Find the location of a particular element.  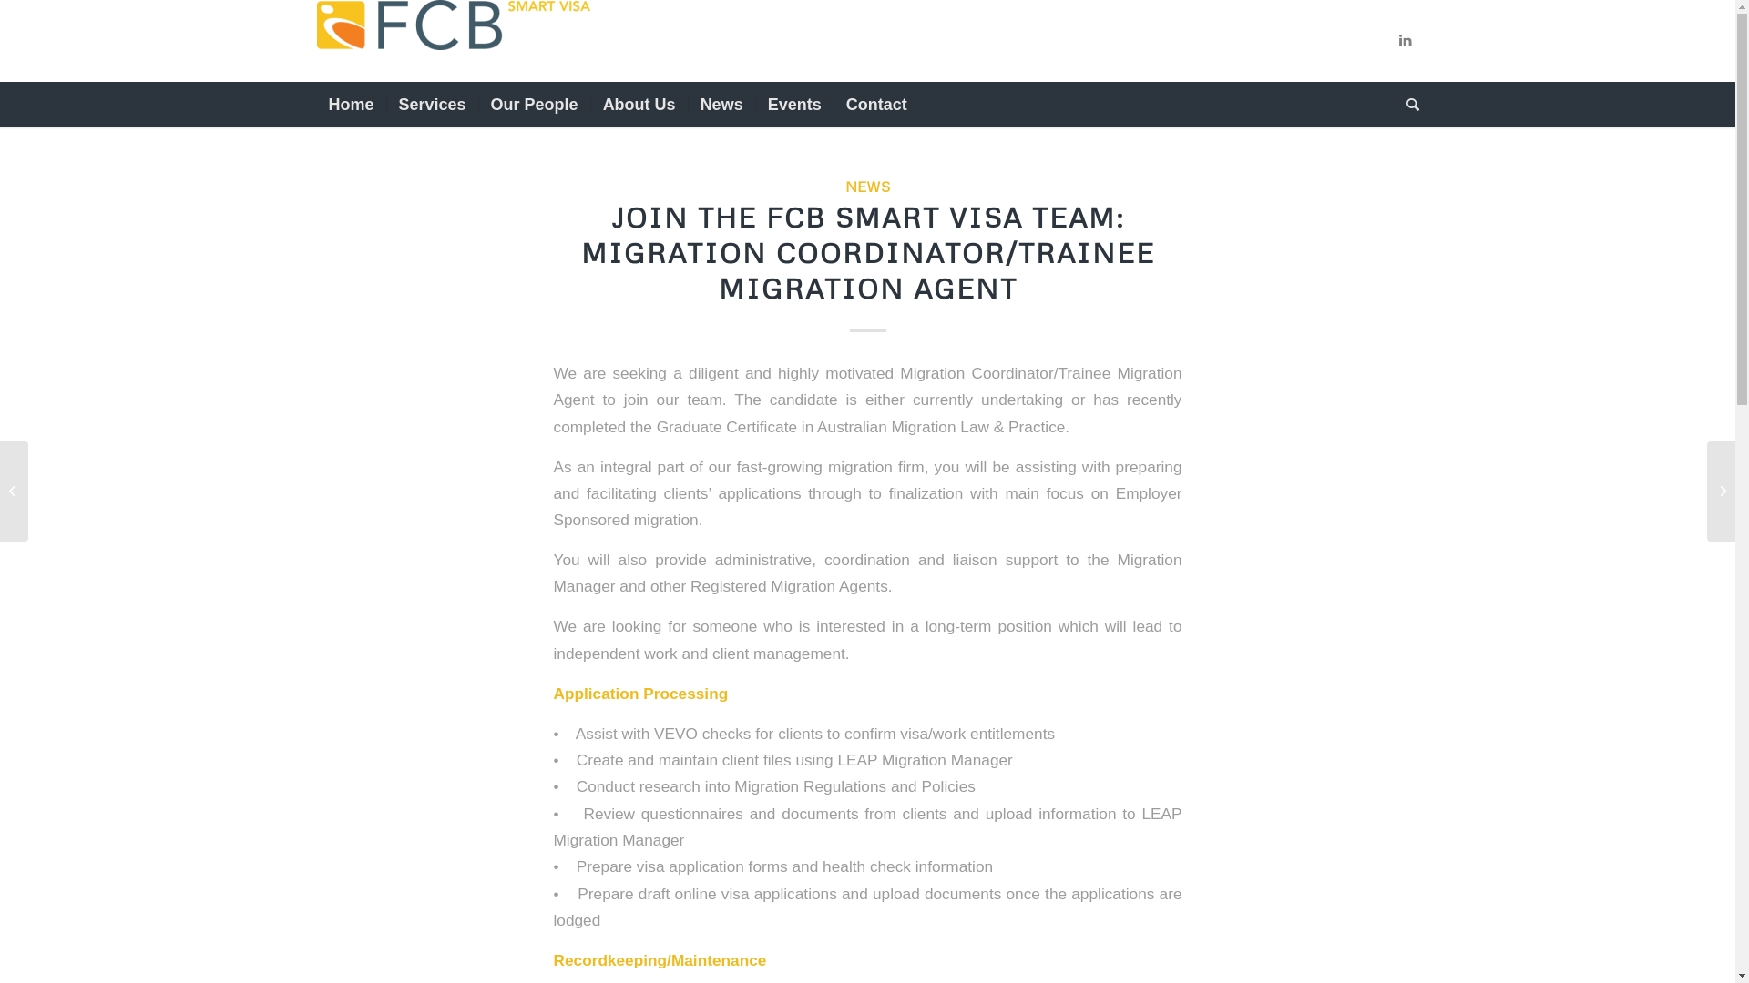

'Home' is located at coordinates (316, 105).